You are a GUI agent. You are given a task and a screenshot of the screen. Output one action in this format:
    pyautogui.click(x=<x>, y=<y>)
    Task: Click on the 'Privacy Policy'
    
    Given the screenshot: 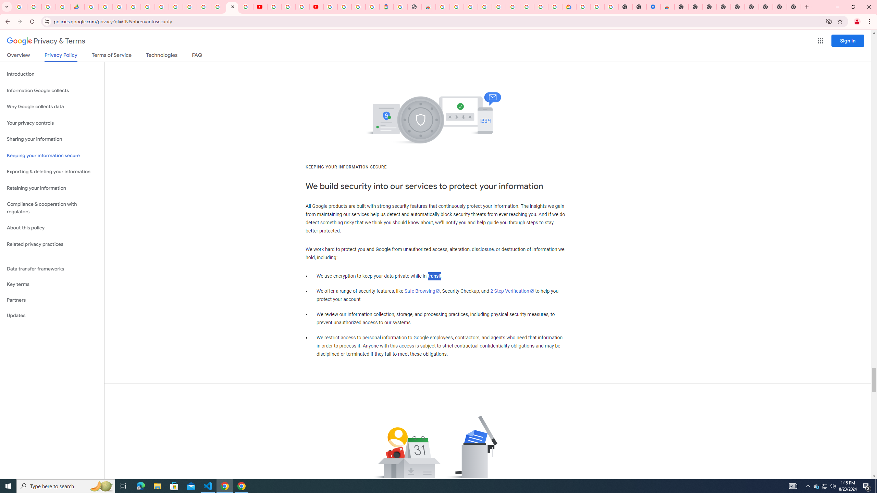 What is the action you would take?
    pyautogui.click(x=60, y=56)
    